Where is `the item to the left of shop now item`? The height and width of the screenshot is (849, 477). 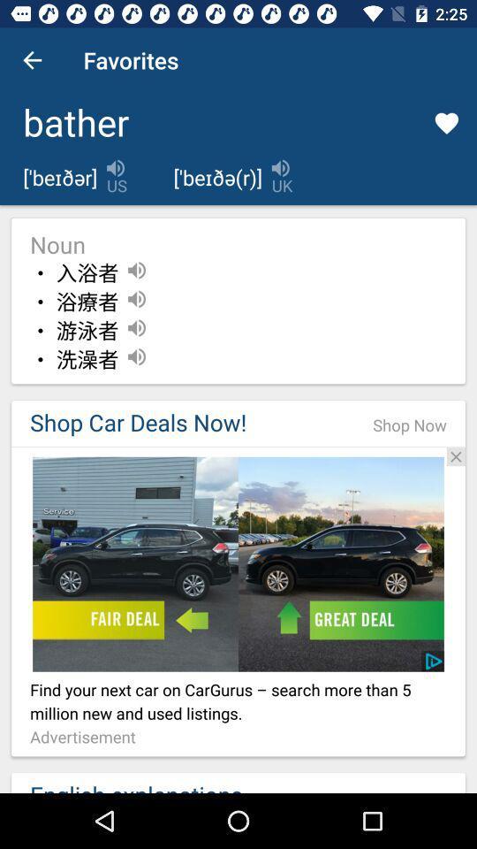
the item to the left of shop now item is located at coordinates (182, 423).